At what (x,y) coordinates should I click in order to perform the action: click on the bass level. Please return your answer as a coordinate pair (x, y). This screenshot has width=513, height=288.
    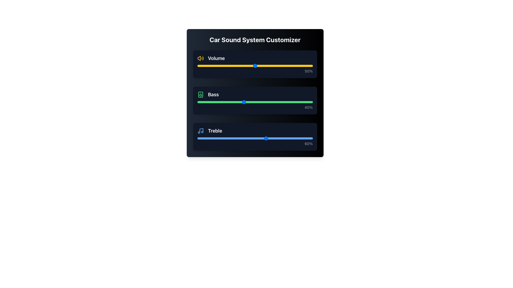
    Looking at the image, I should click on (277, 102).